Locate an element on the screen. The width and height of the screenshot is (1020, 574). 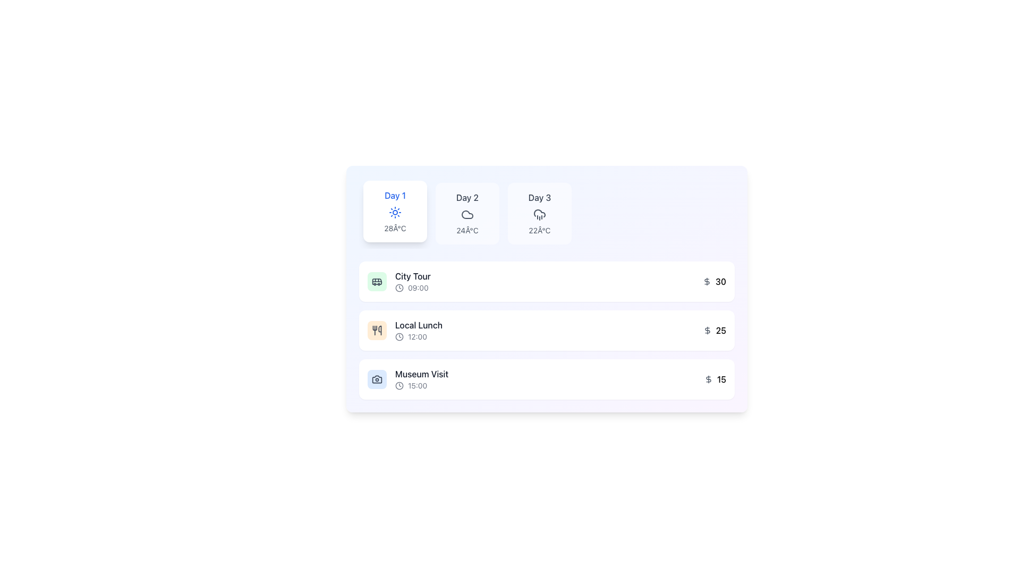
the Text Label that serves as the title of an event or activity, positioned above the '15:00' text and next to a camera icon is located at coordinates (421, 374).